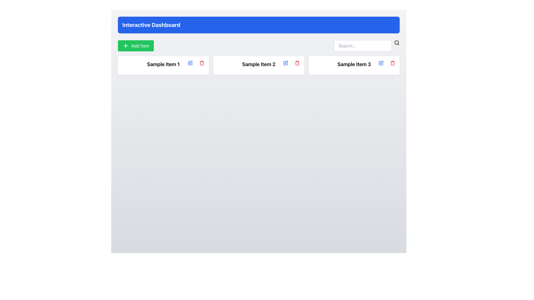 The height and width of the screenshot is (300, 534). Describe the element at coordinates (286, 63) in the screenshot. I see `the edit icon on the right side of the panel for 'Sample Item 2' to initiate editing` at that location.